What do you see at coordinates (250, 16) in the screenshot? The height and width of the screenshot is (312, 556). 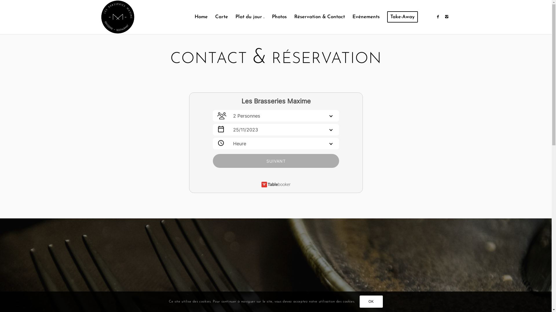 I see `'Plat du jour .'` at bounding box center [250, 16].